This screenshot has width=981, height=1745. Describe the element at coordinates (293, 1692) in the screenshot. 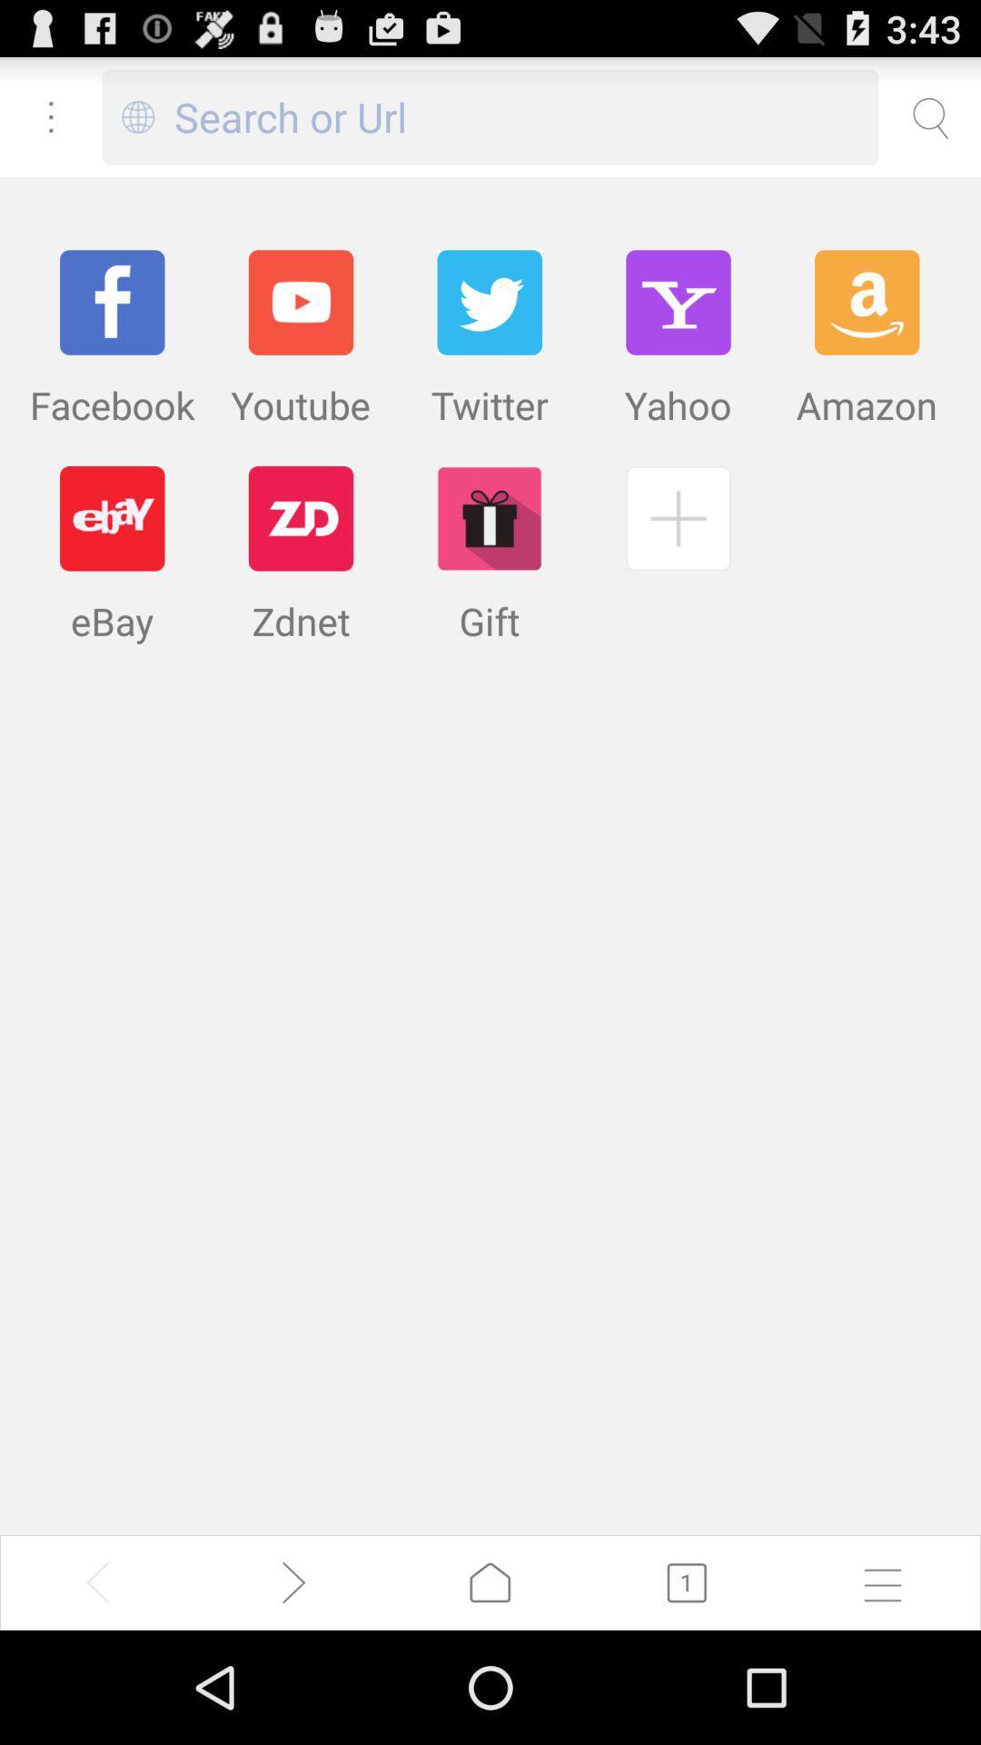

I see `the arrow_forward icon` at that location.